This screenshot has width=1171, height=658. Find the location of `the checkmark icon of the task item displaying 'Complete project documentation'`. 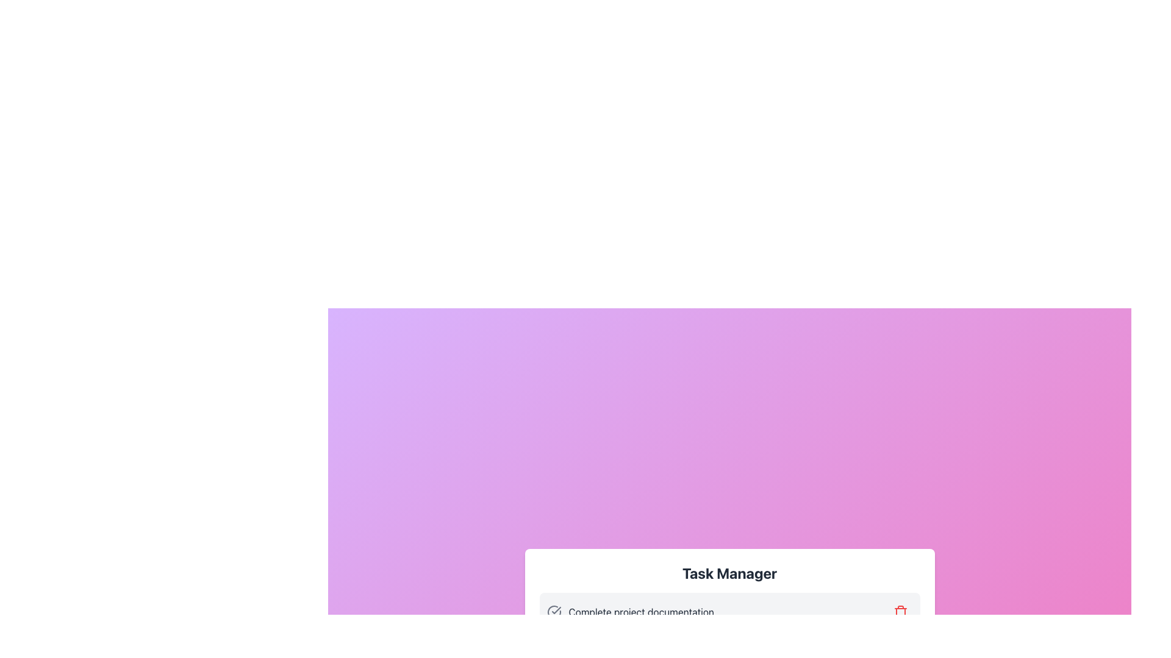

the checkmark icon of the task item displaying 'Complete project documentation' is located at coordinates (630, 612).